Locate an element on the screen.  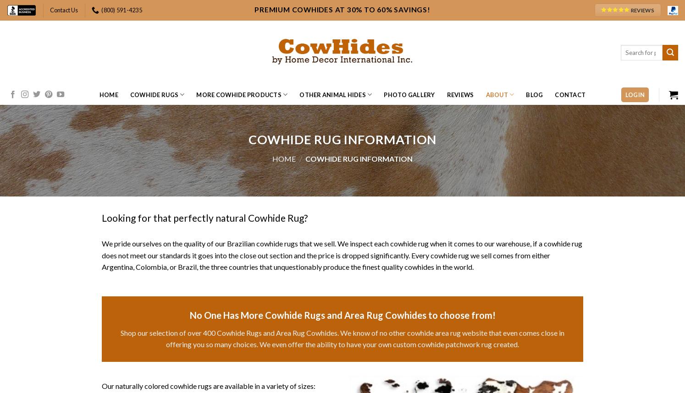
'Cowhide Rugs' is located at coordinates (154, 95).